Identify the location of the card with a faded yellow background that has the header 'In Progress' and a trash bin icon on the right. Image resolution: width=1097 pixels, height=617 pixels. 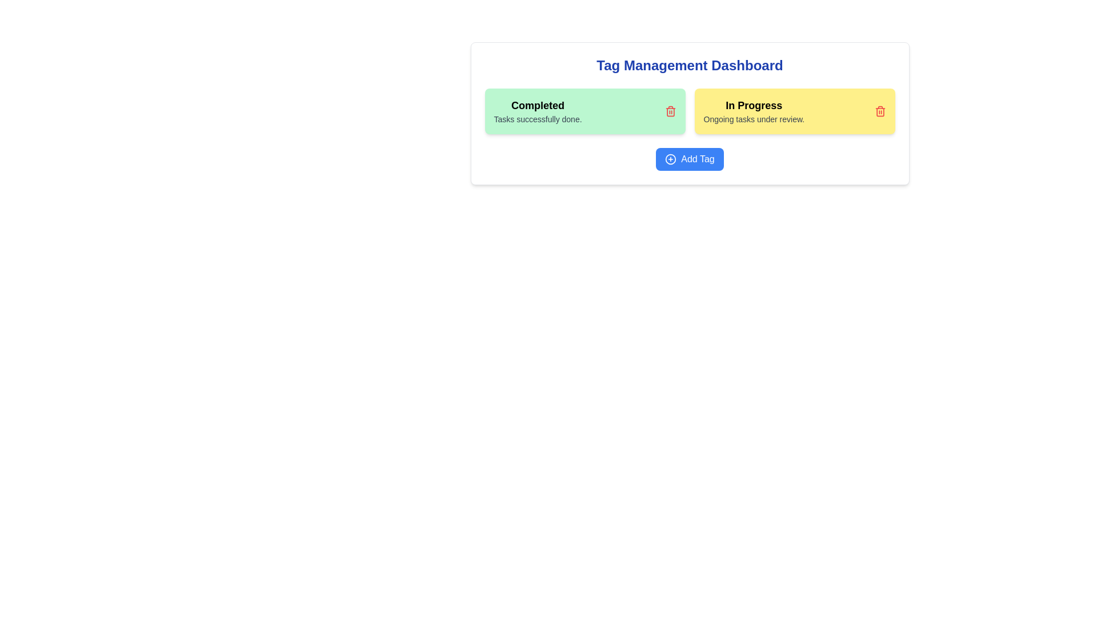
(794, 111).